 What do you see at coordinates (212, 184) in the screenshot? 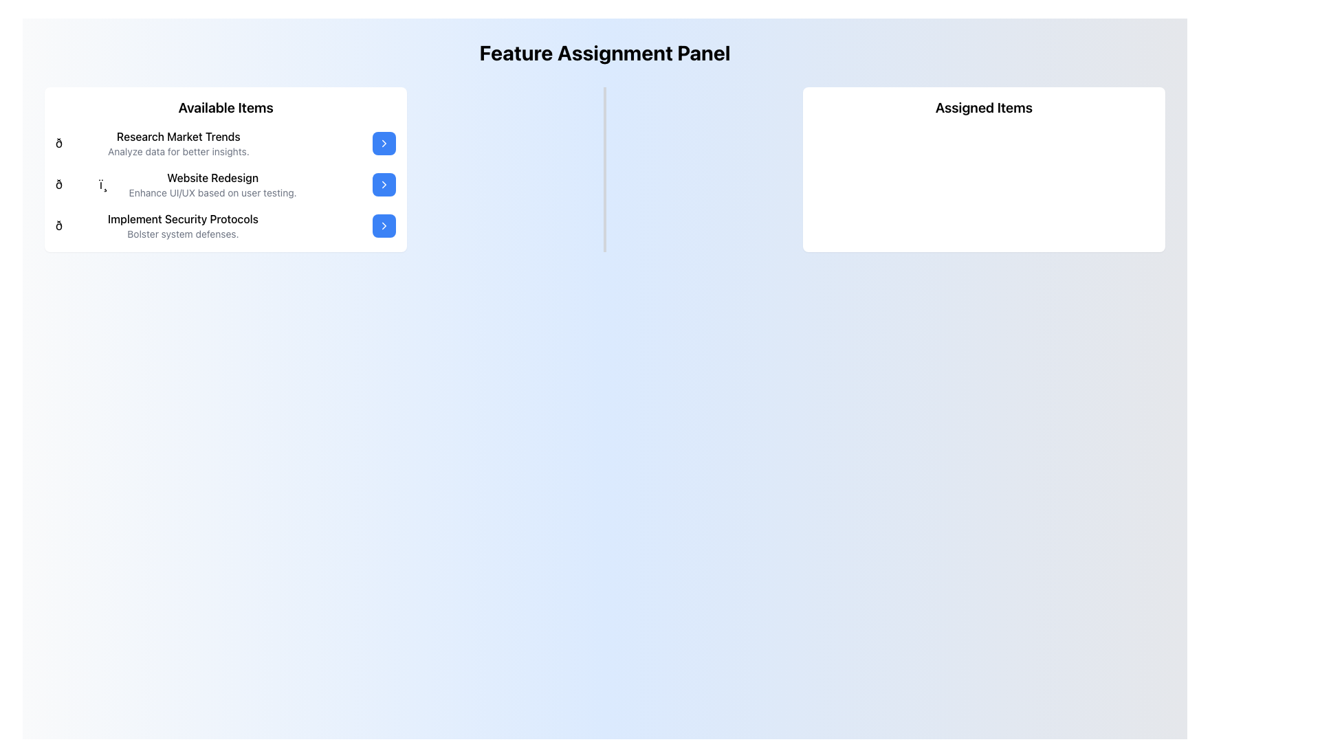
I see `the text block titled 'Website Redesign', which describes 'Enhance UI/UX based on user testing.'` at bounding box center [212, 184].